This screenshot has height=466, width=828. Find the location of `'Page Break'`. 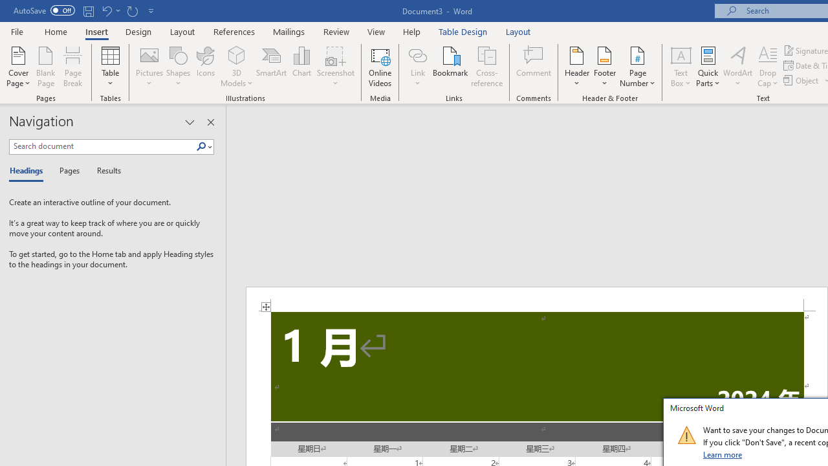

'Page Break' is located at coordinates (72, 67).